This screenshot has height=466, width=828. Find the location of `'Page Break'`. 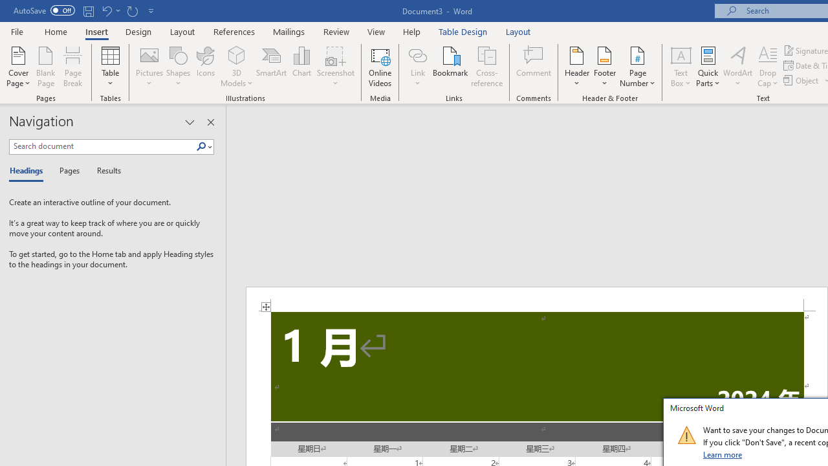

'Page Break' is located at coordinates (72, 67).